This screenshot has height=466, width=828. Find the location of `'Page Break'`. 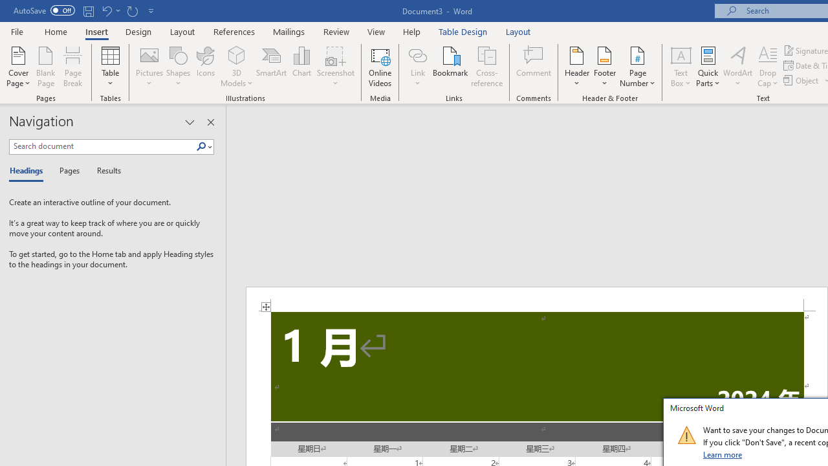

'Page Break' is located at coordinates (72, 67).